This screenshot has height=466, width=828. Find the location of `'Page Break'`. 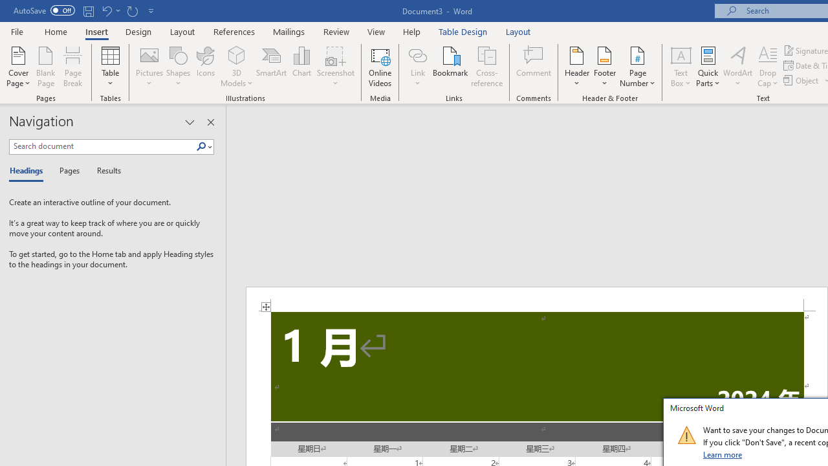

'Page Break' is located at coordinates (72, 67).